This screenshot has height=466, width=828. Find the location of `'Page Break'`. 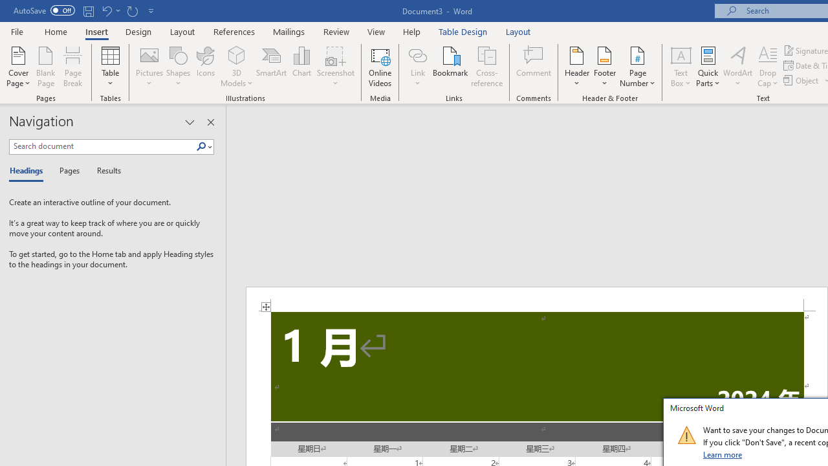

'Page Break' is located at coordinates (72, 67).